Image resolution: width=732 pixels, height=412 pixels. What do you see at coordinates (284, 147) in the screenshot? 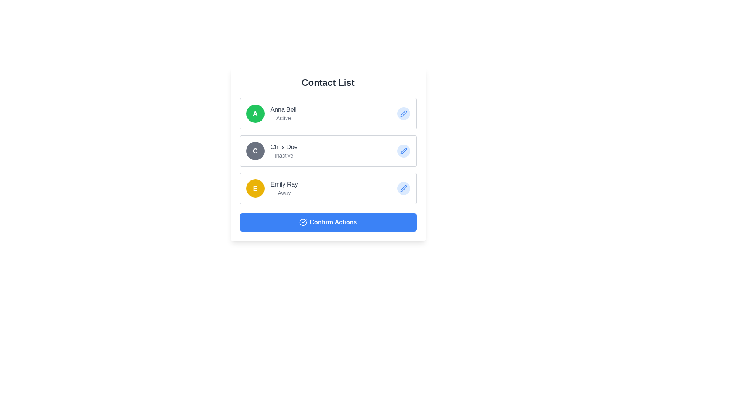
I see `text label displaying 'Chris Doe' located in the second contact entry of the 'Contact List', next to the circular avatar labeled with a 'C'` at bounding box center [284, 147].